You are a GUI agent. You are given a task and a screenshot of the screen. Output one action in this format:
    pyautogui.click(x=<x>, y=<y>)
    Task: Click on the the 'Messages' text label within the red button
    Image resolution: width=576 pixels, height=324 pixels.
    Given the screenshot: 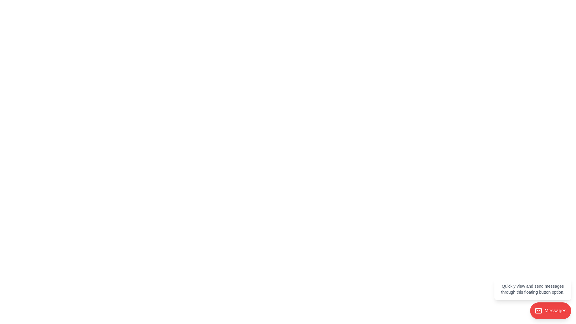 What is the action you would take?
    pyautogui.click(x=555, y=310)
    